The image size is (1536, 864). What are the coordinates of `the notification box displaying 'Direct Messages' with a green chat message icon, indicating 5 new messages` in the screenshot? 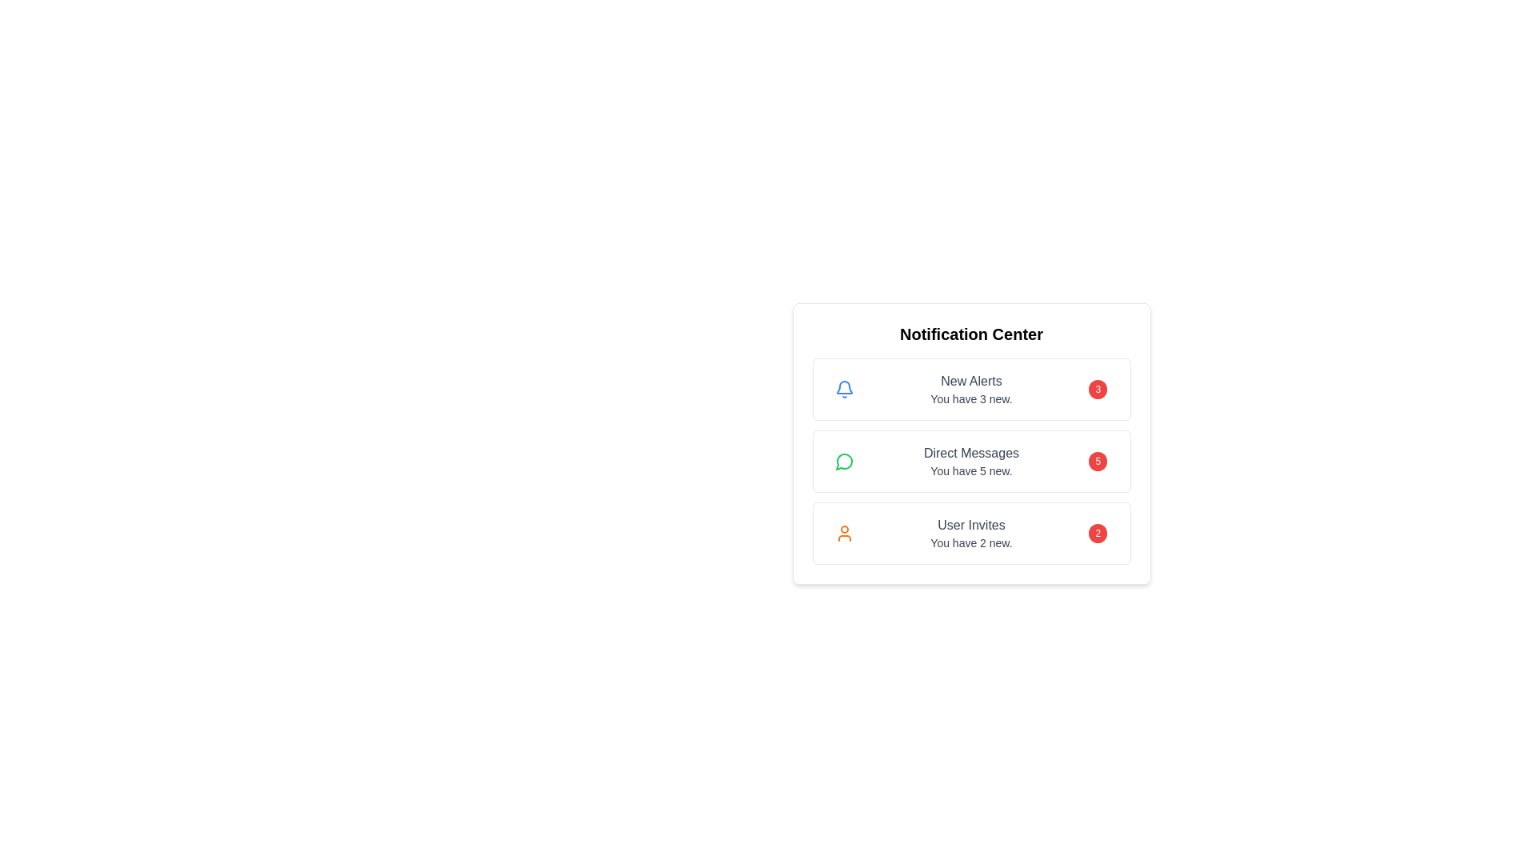 It's located at (970, 462).